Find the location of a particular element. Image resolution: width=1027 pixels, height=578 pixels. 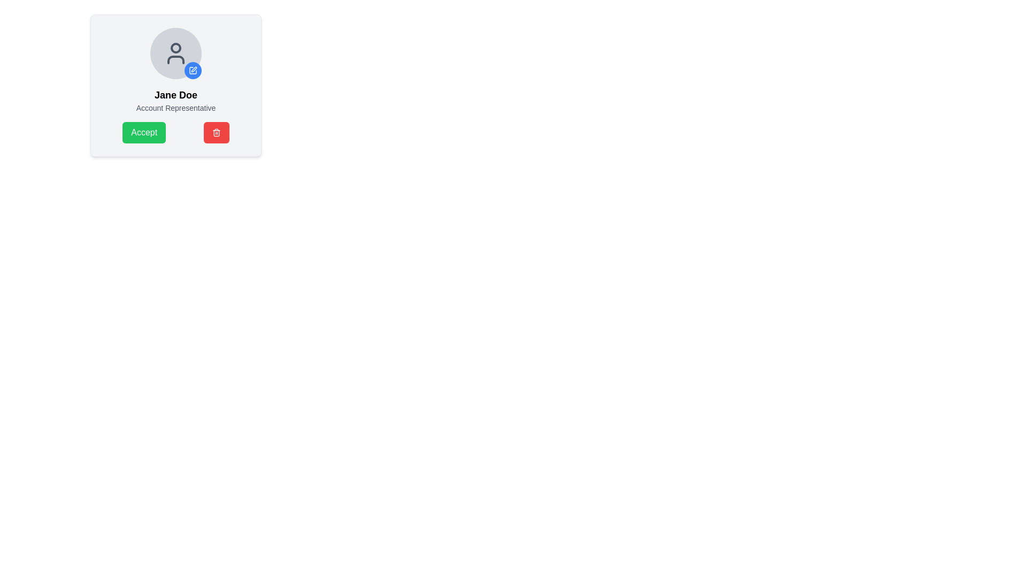

the decorative icon located at the right side of the user's profile picture within the profile card, indicating editability or modification functionality is located at coordinates (193, 70).